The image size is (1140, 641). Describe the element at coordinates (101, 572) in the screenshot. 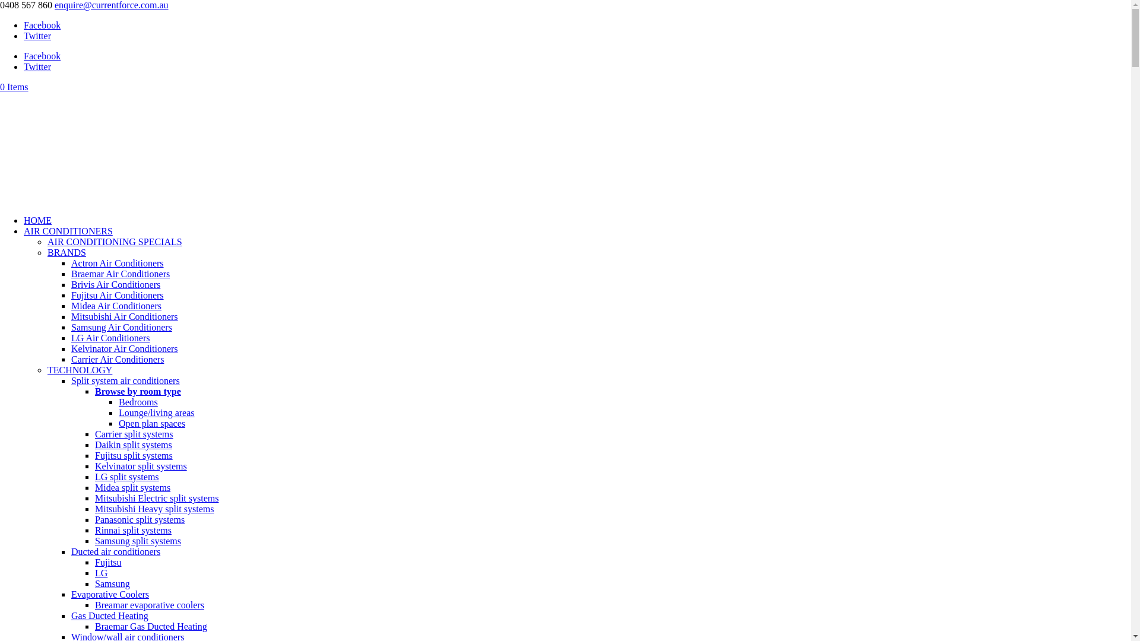

I see `'LG'` at that location.